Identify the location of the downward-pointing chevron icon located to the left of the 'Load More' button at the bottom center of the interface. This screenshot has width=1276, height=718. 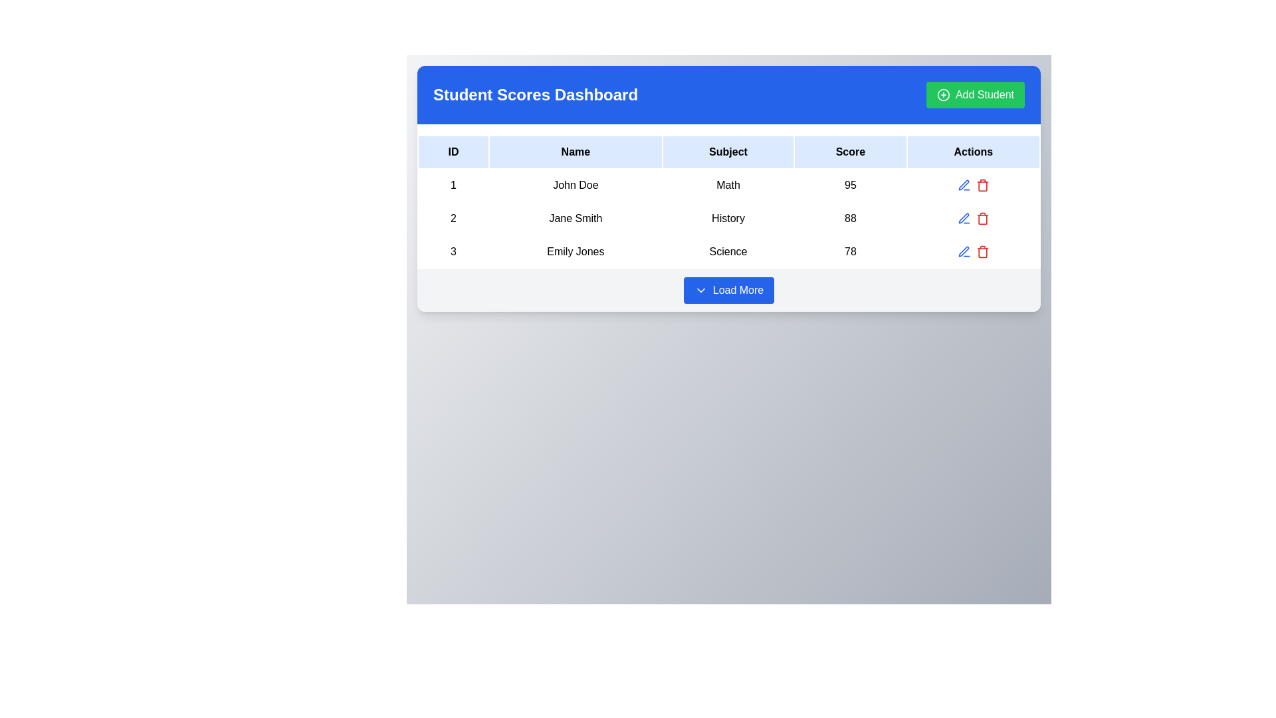
(700, 289).